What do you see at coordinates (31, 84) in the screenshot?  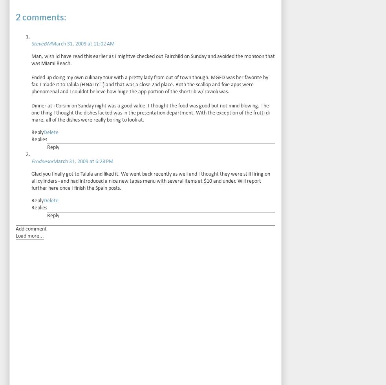 I see `'Ended up doing my own culinary tour with a pretty lady from out of town though.  MGFD was her favorite by far.  I made it to Talula (FINALLY!!) and that was a close 2nd place.  Both the scallop and foie apps were phenomenal and I couldnt believe how huge the app portion of the shortrib w/ ravioli was.'` at bounding box center [31, 84].